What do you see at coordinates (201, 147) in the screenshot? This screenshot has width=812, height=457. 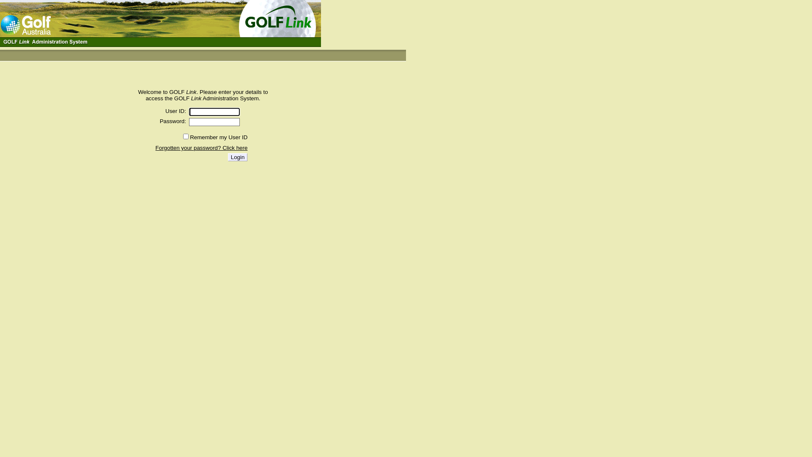 I see `'Forgotten your password? Click here'` at bounding box center [201, 147].